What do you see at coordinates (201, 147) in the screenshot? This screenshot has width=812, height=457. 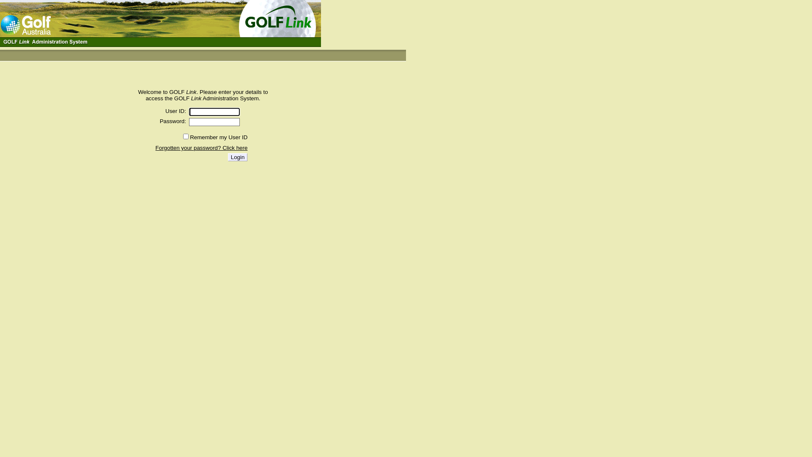 I see `'Forgotten your password? Click here'` at bounding box center [201, 147].